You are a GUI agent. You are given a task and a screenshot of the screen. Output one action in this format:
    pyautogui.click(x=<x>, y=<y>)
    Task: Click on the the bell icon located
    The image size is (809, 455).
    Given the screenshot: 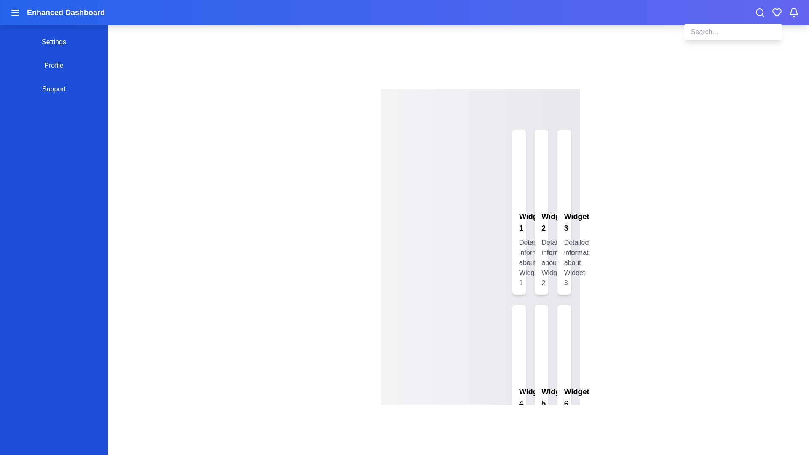 What is the action you would take?
    pyautogui.click(x=793, y=13)
    